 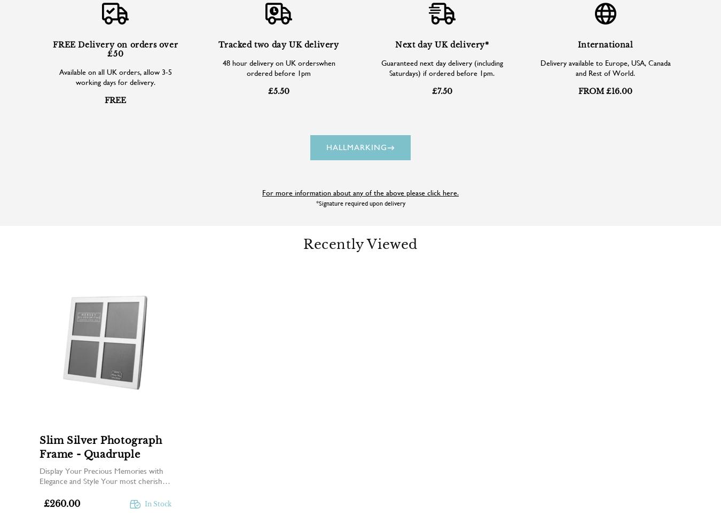 I want to click on '48 hour delivery on UK orderswhen ordered before 1pm', so click(x=278, y=67).